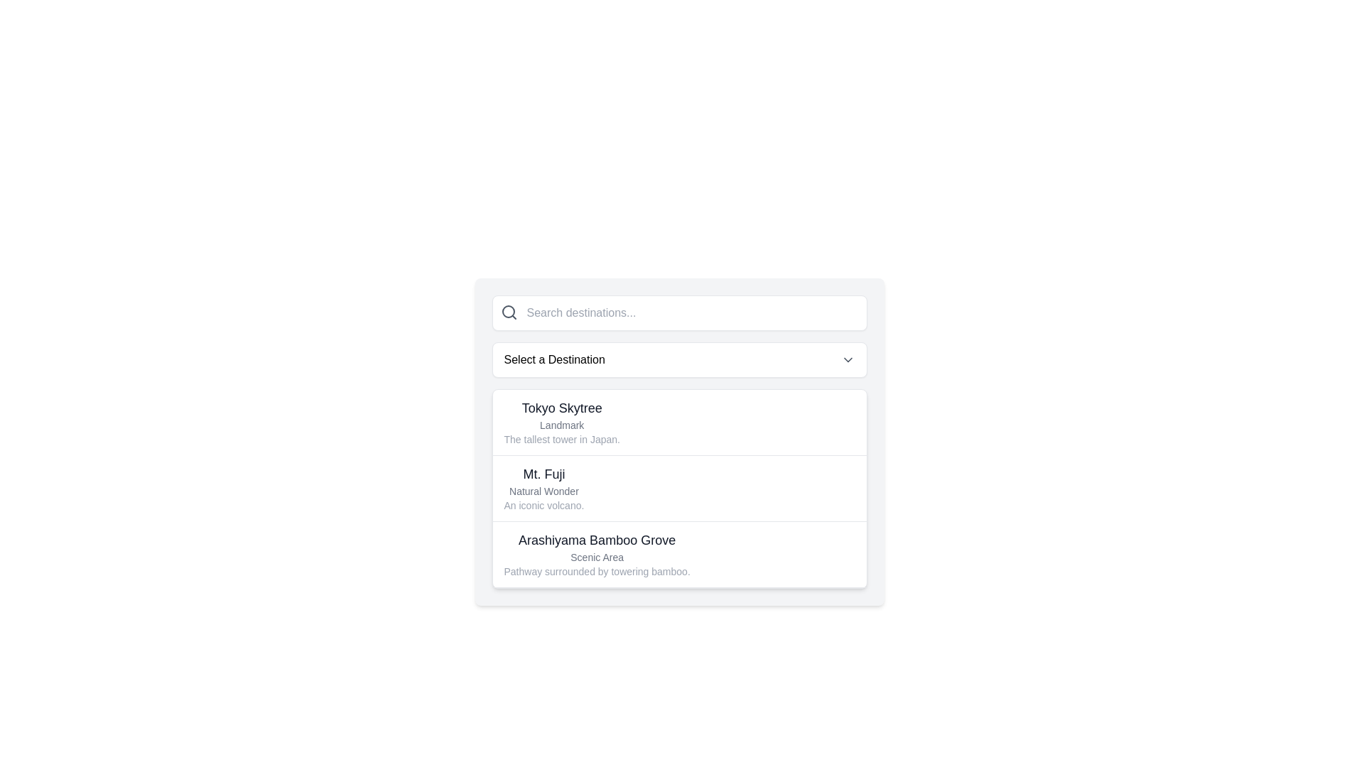 The height and width of the screenshot is (767, 1364). I want to click on the static text label that reads 'The tallest tower in Japan.', which is positioned below the 'Landmark' subtitle in the destination selection panel for 'Tokyo Skytree', so click(561, 438).